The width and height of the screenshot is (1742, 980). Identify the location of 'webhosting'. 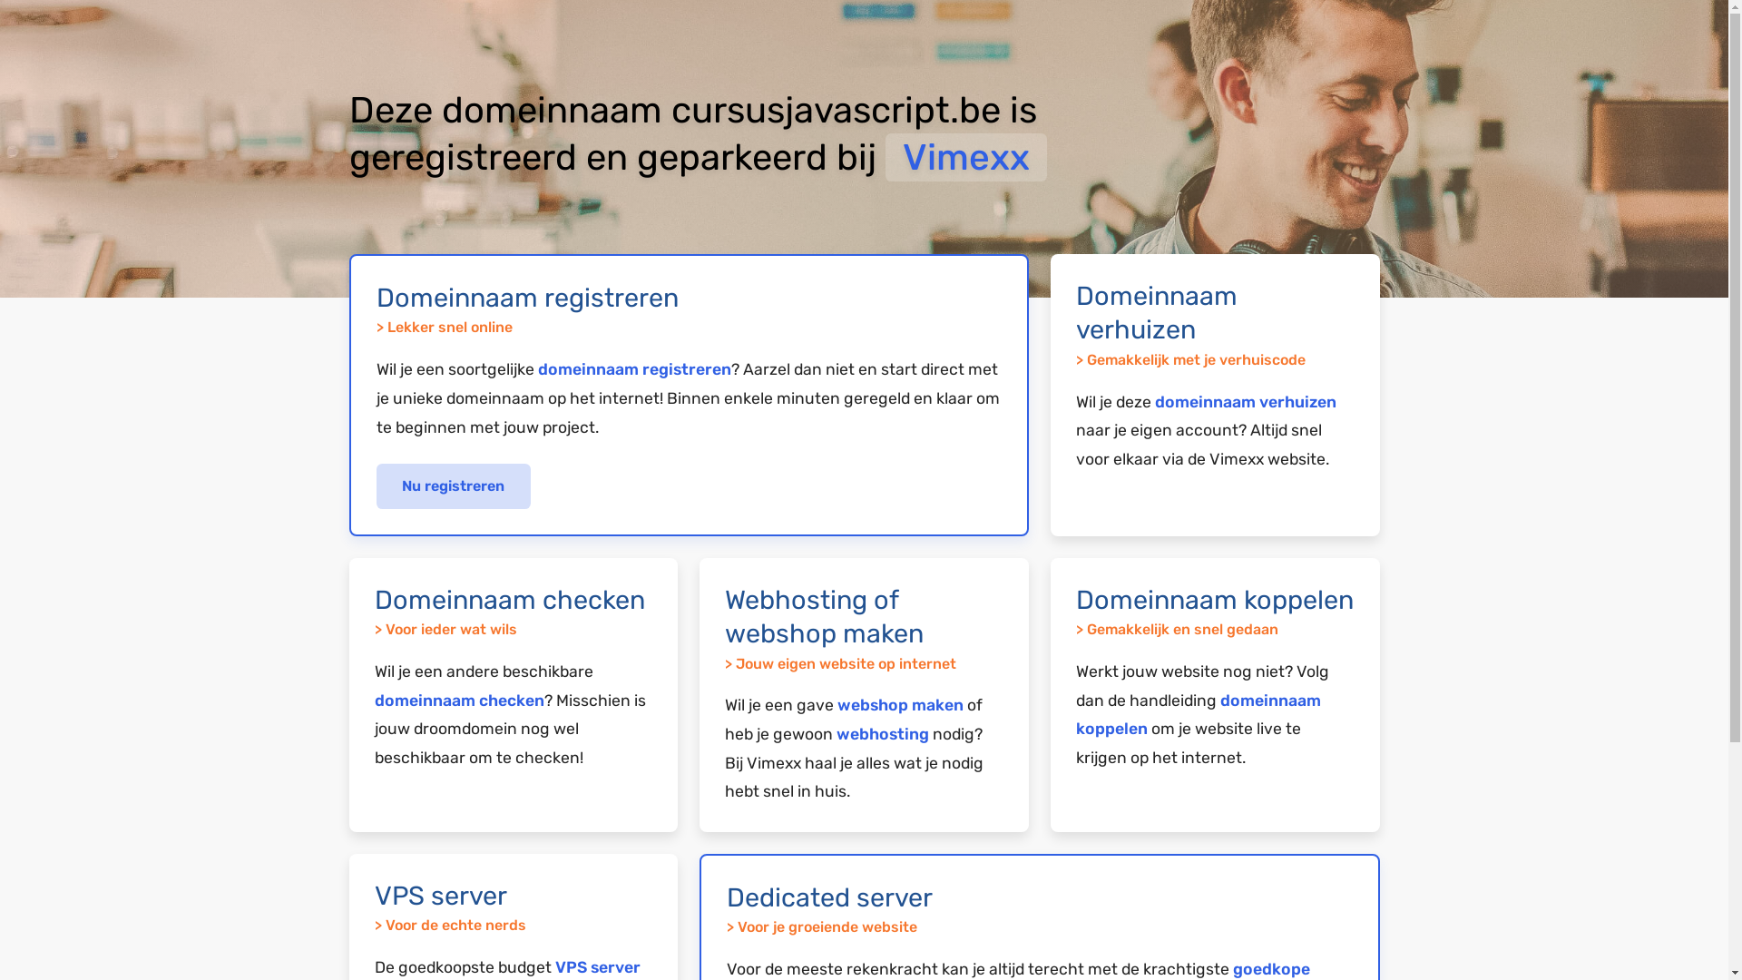
(883, 733).